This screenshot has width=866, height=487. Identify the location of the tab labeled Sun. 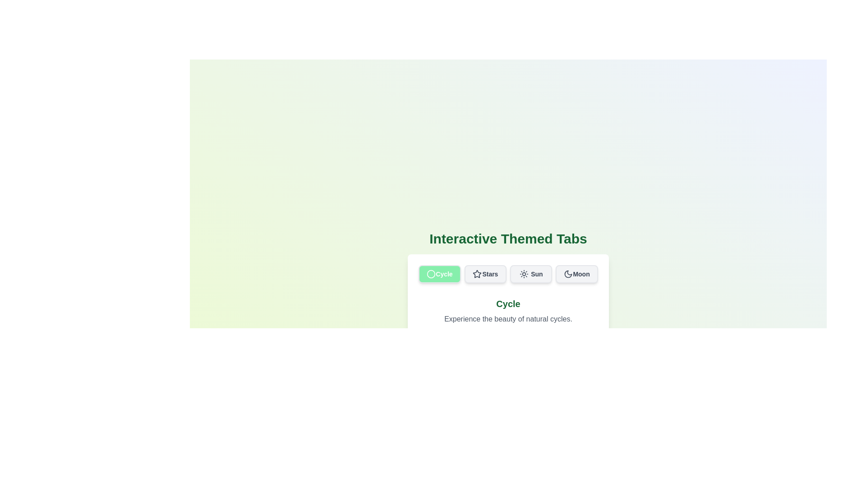
(531, 274).